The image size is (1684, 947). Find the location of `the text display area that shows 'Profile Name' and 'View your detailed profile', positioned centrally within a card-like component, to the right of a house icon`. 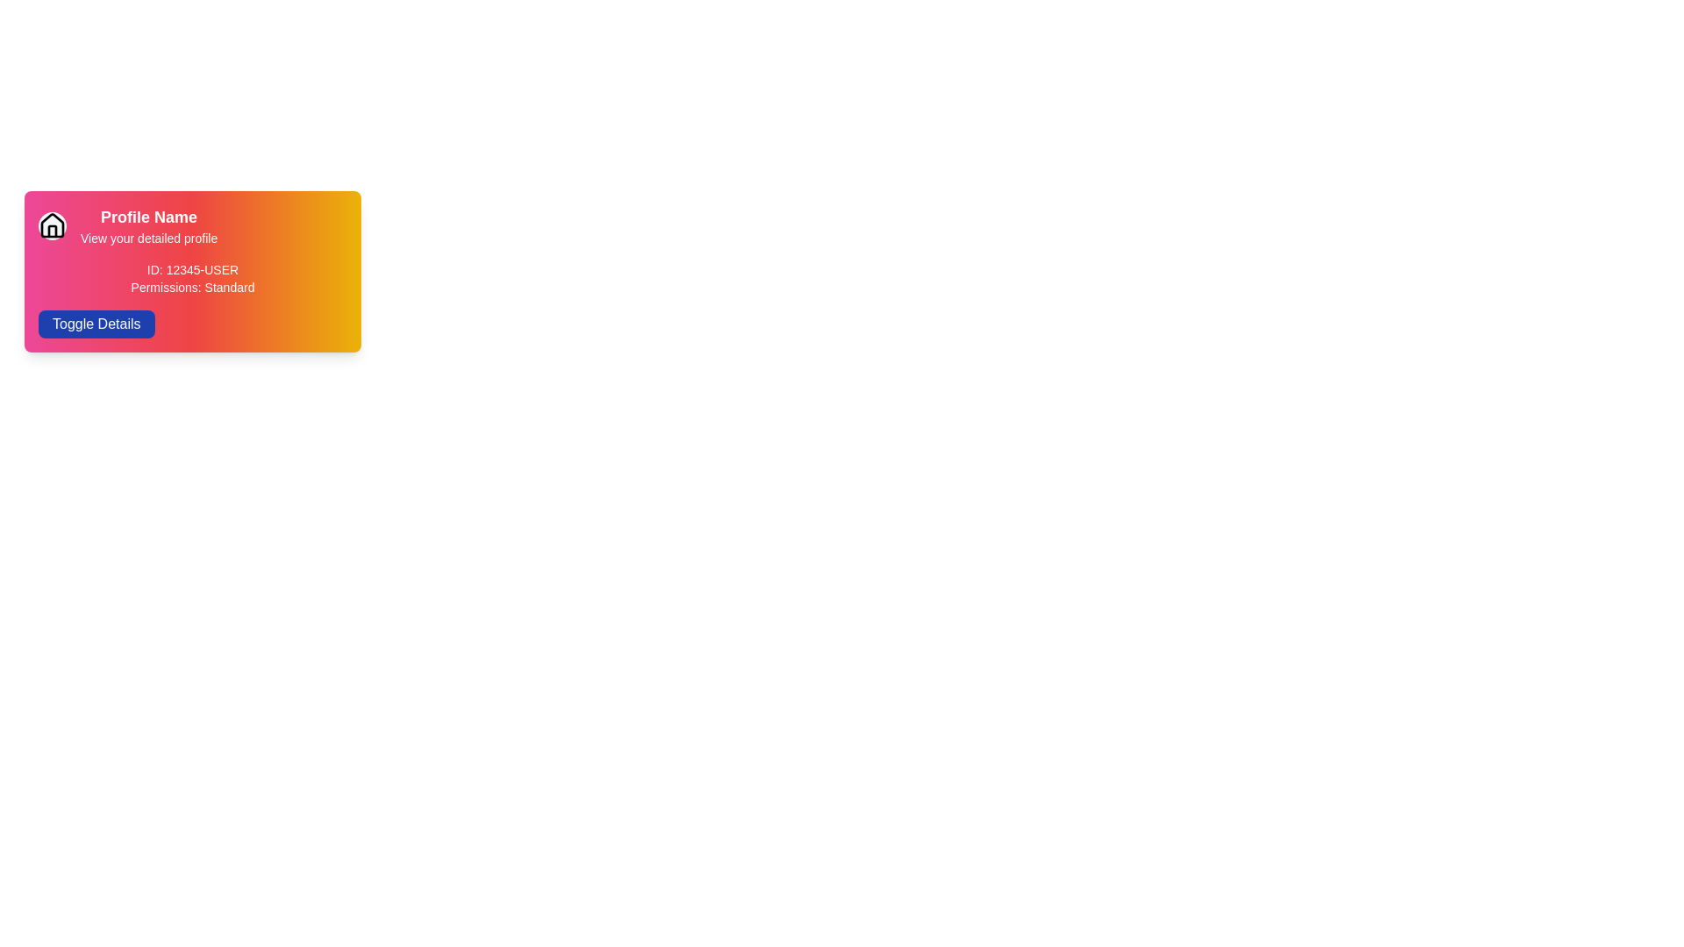

the text display area that shows 'Profile Name' and 'View your detailed profile', positioned centrally within a card-like component, to the right of a house icon is located at coordinates (149, 225).